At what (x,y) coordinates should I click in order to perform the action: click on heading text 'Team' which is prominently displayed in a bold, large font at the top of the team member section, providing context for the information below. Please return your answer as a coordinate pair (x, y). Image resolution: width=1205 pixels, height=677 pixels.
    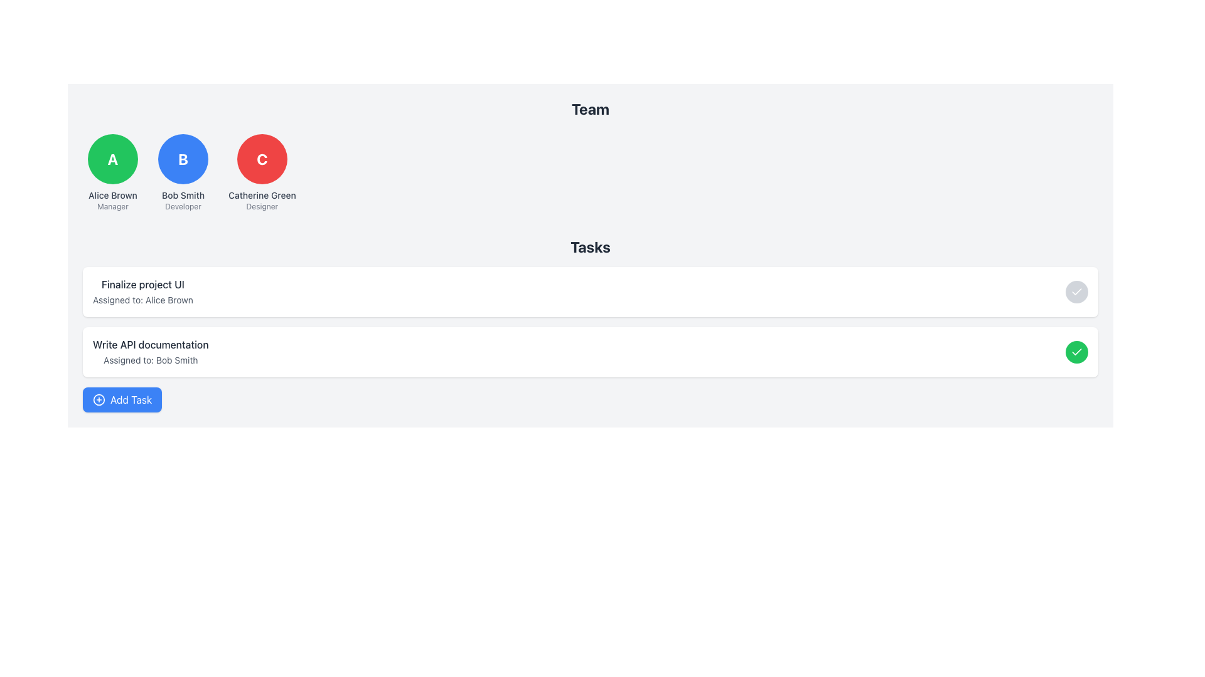
    Looking at the image, I should click on (589, 108).